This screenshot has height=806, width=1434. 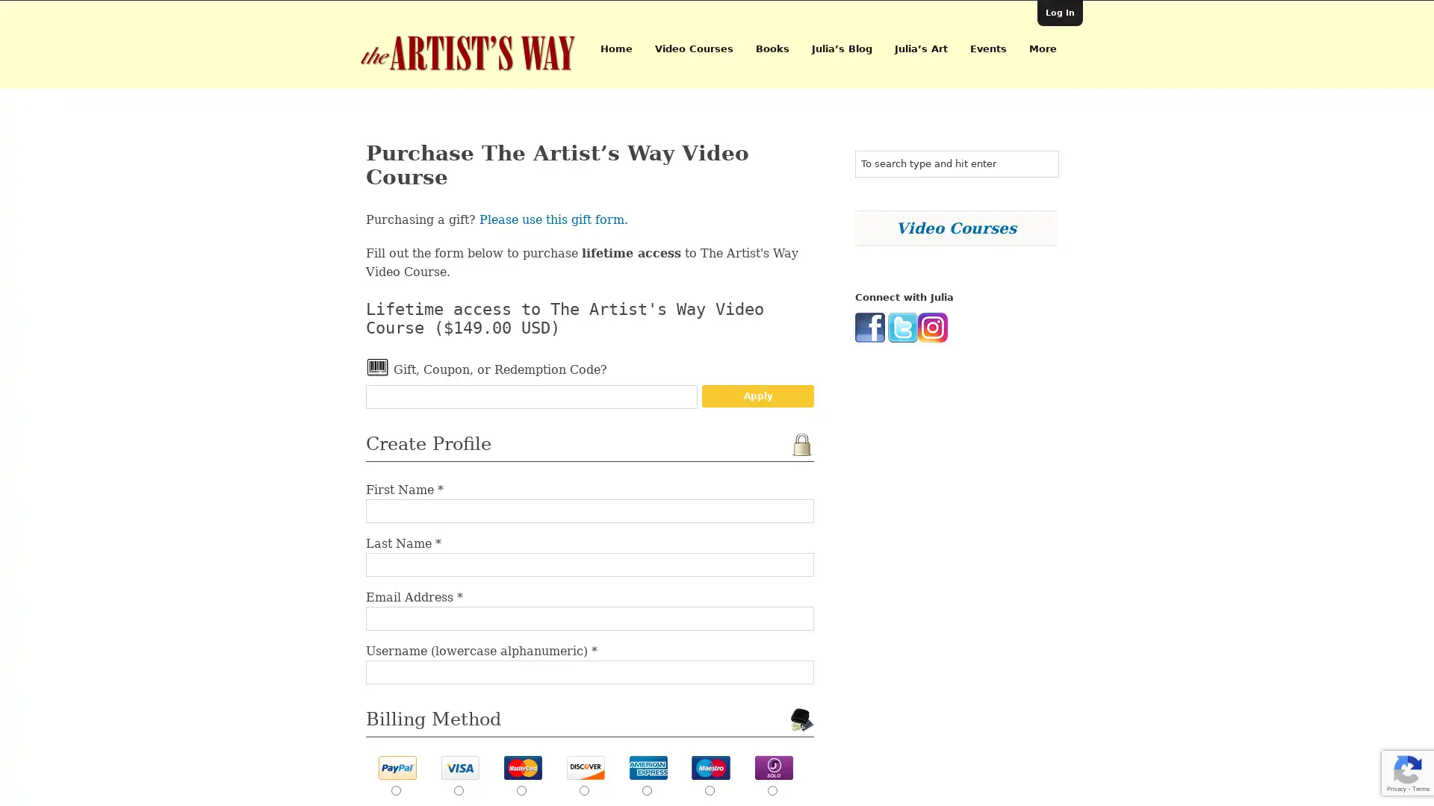 I want to click on Apply, so click(x=757, y=396).